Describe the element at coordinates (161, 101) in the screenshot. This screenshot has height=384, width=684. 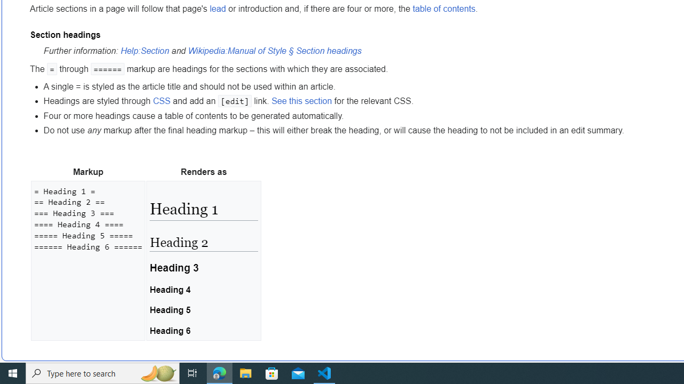
I see `'CSS'` at that location.